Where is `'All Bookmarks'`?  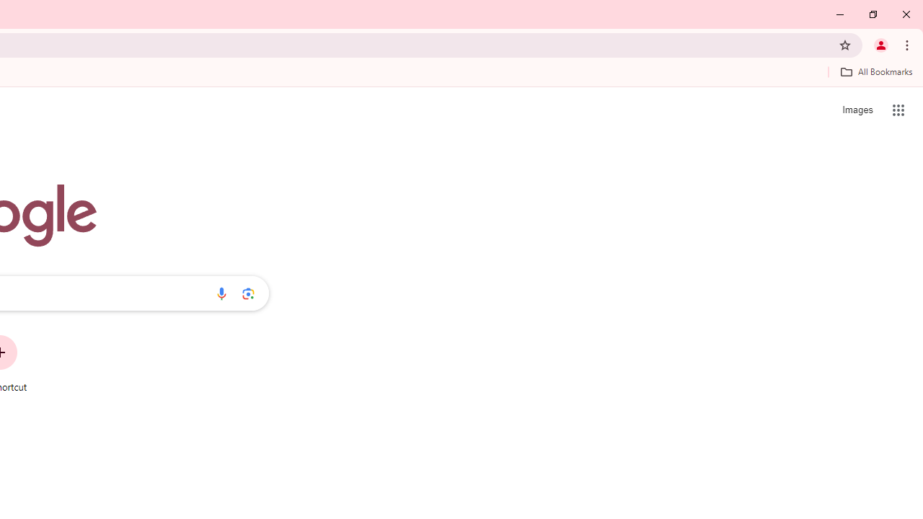 'All Bookmarks' is located at coordinates (875, 71).